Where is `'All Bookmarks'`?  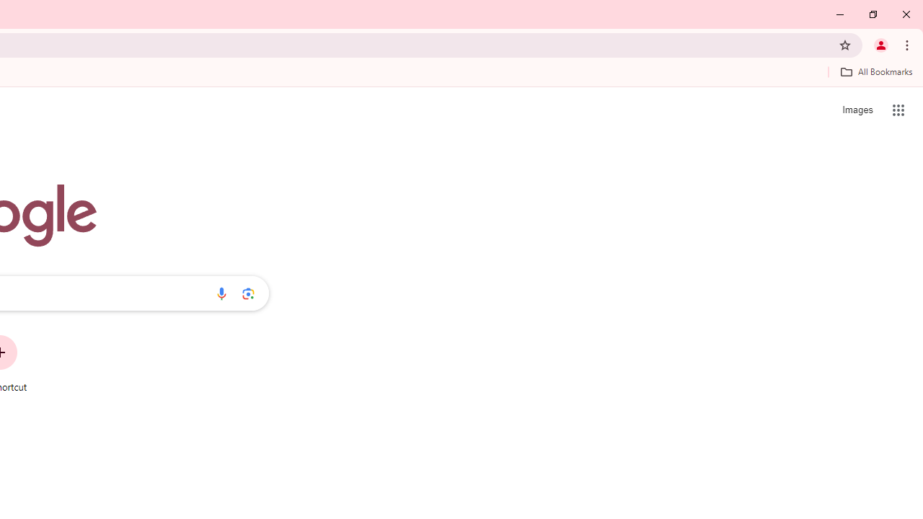 'All Bookmarks' is located at coordinates (875, 71).